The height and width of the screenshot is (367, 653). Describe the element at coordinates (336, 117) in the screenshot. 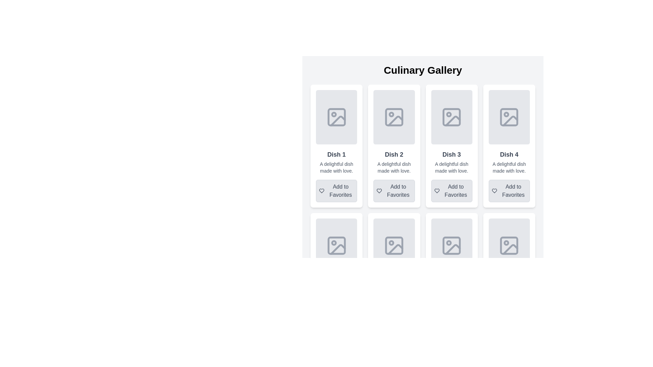

I see `the icon located at the top-center of the 'Dish 1' card in the Culinary Gallery grid interface, which serves as a placeholder for graphical content` at that location.